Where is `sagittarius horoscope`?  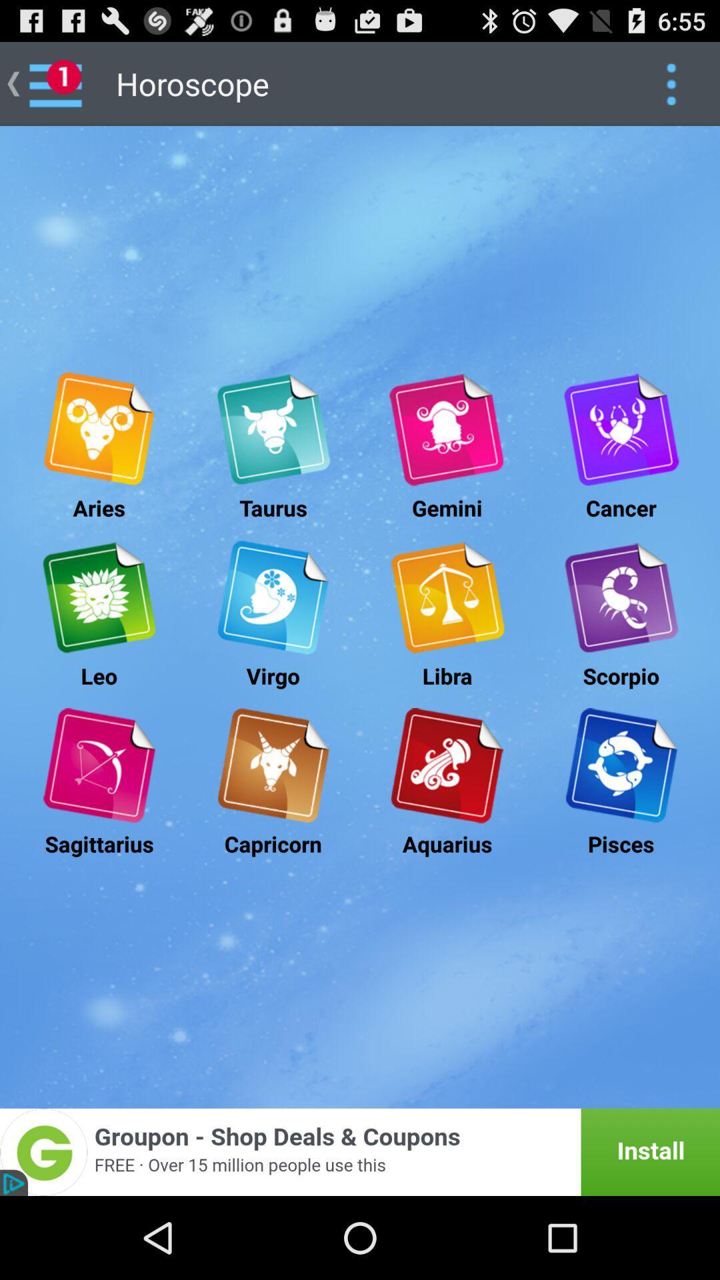 sagittarius horoscope is located at coordinates (98, 765).